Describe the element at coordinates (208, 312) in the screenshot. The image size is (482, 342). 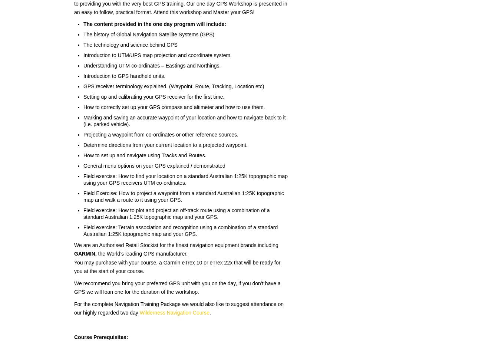
I see `'.'` at that location.